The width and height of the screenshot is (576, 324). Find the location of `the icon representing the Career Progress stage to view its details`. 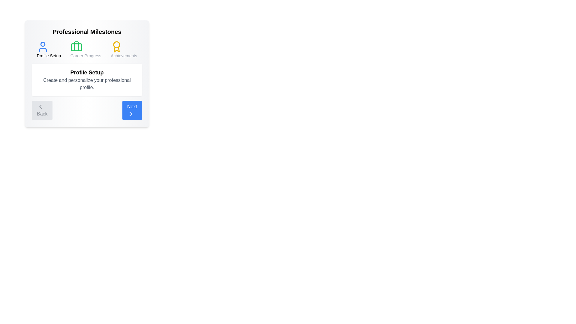

the icon representing the Career Progress stage to view its details is located at coordinates (76, 46).